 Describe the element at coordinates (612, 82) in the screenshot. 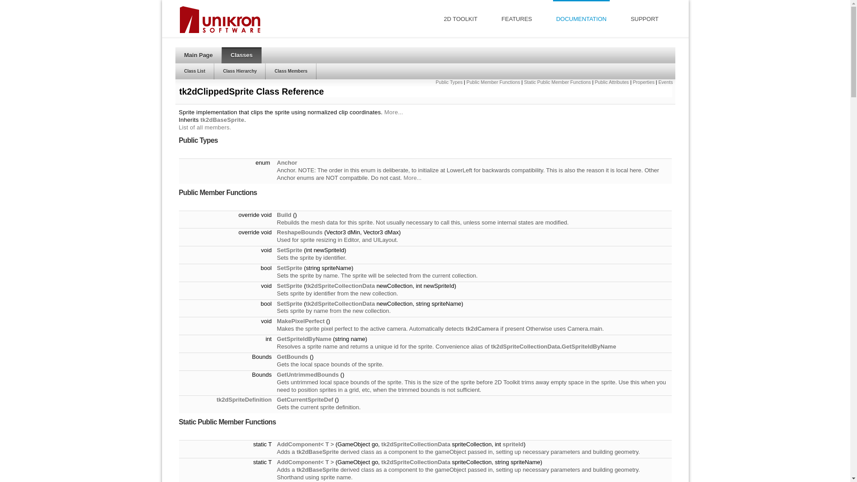

I see `'Public Attributes'` at that location.